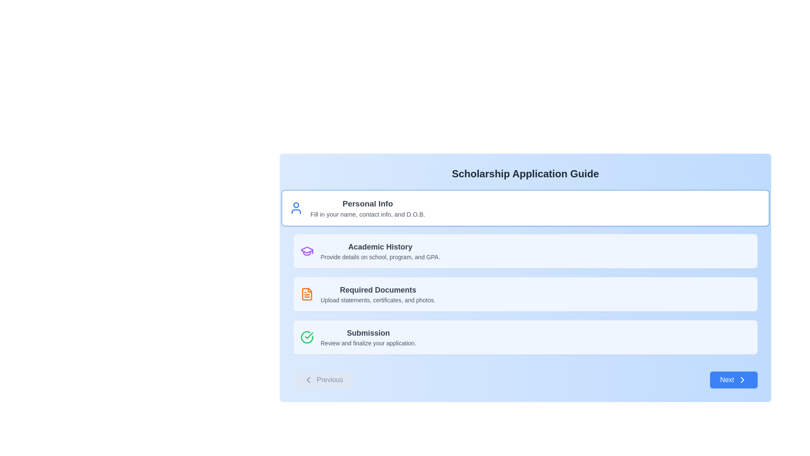  What do you see at coordinates (378, 299) in the screenshot?
I see `the descriptive text segment reading 'Upload statements, certificates, and photos.' which is located directly beneath the heading 'Required Documents' in the third section of the interface` at bounding box center [378, 299].